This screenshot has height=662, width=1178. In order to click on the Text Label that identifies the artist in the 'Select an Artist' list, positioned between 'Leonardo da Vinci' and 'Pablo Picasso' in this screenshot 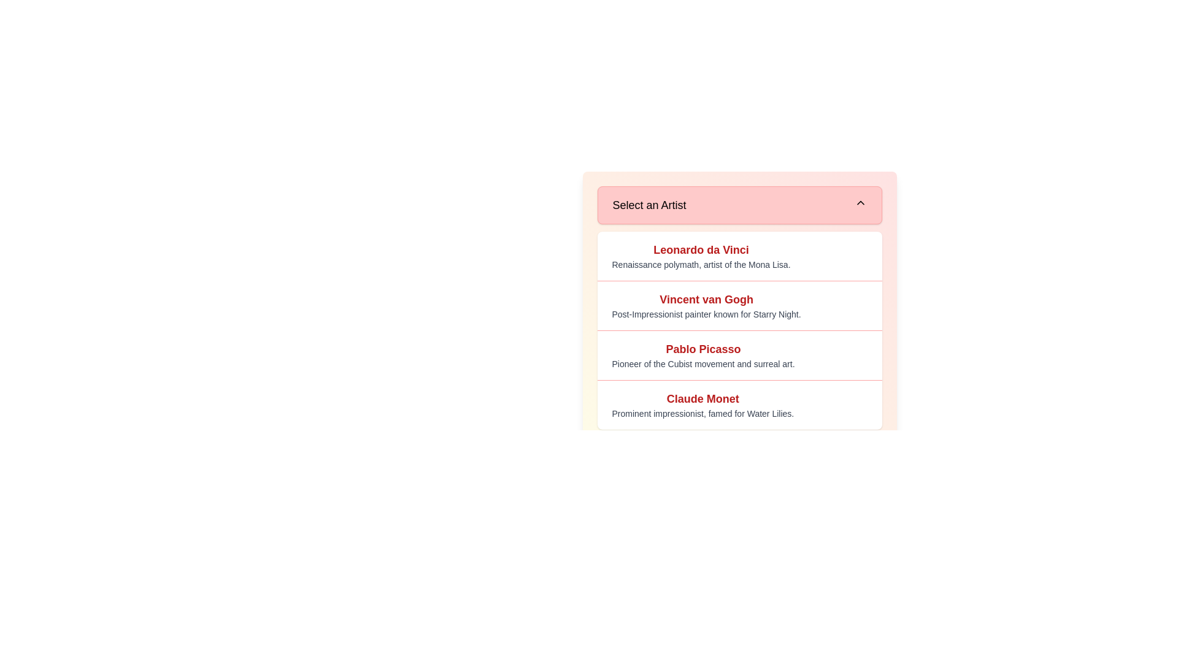, I will do `click(706, 300)`.